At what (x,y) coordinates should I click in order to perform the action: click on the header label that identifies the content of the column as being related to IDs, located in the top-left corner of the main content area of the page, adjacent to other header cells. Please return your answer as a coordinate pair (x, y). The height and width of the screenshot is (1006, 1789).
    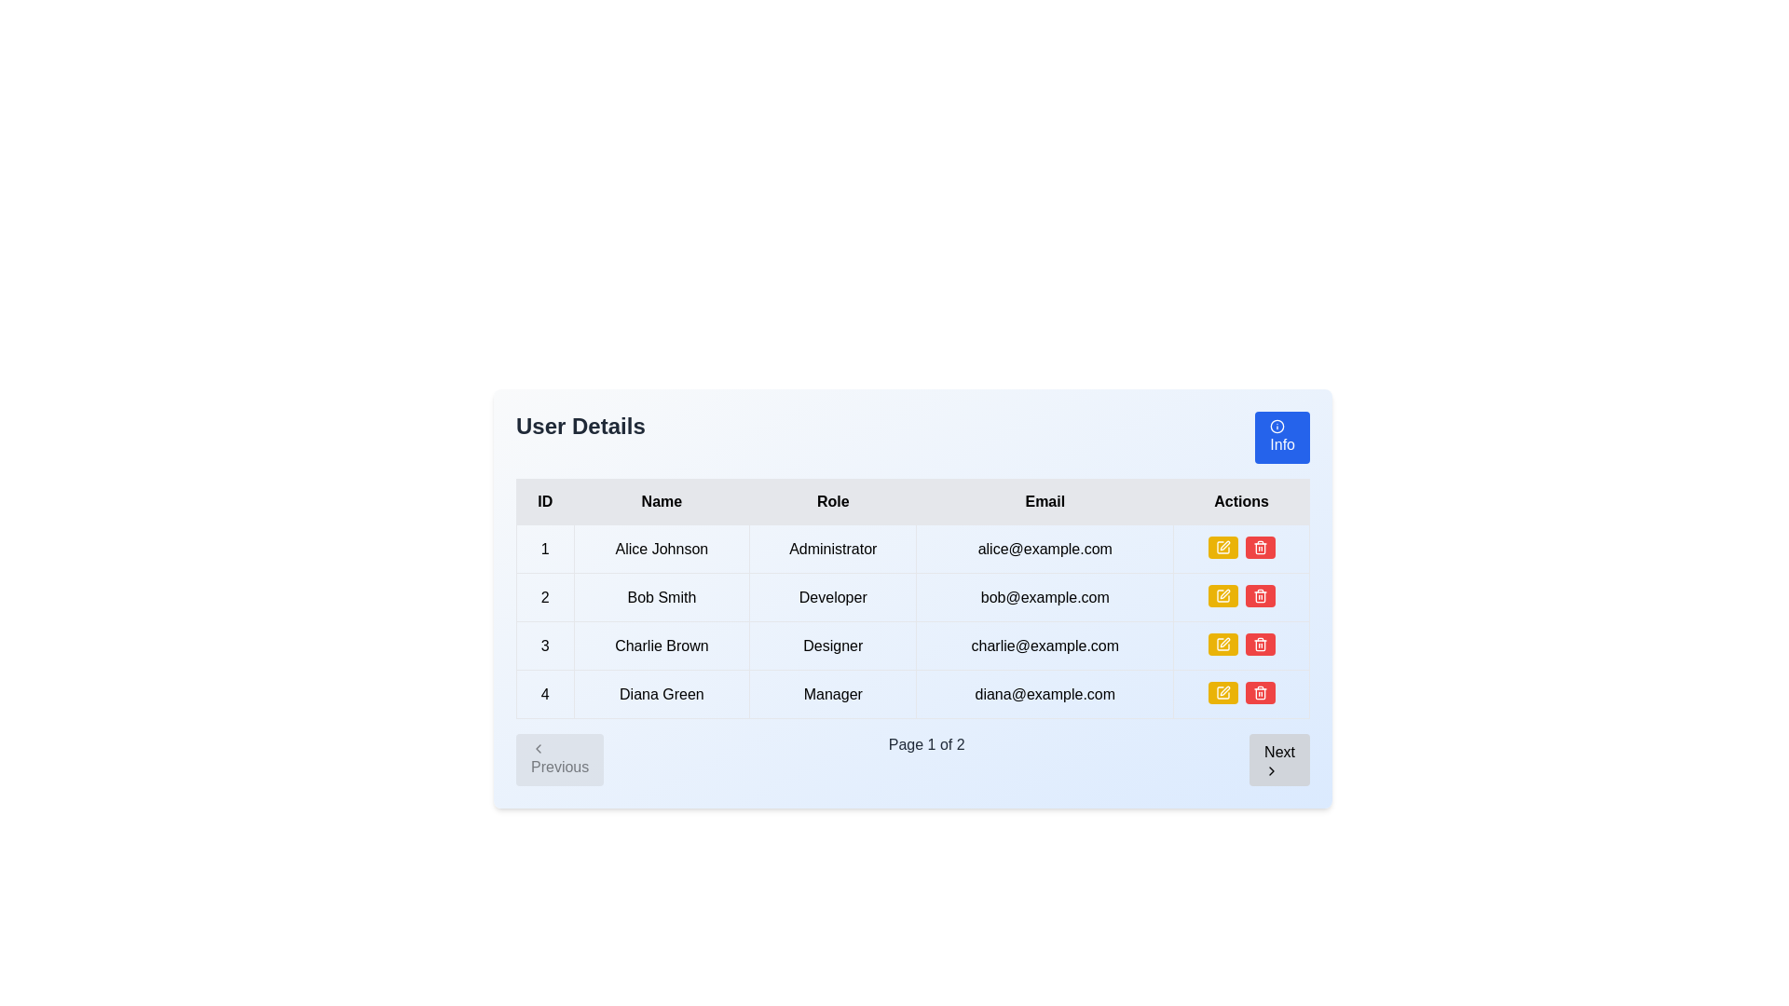
    Looking at the image, I should click on (544, 501).